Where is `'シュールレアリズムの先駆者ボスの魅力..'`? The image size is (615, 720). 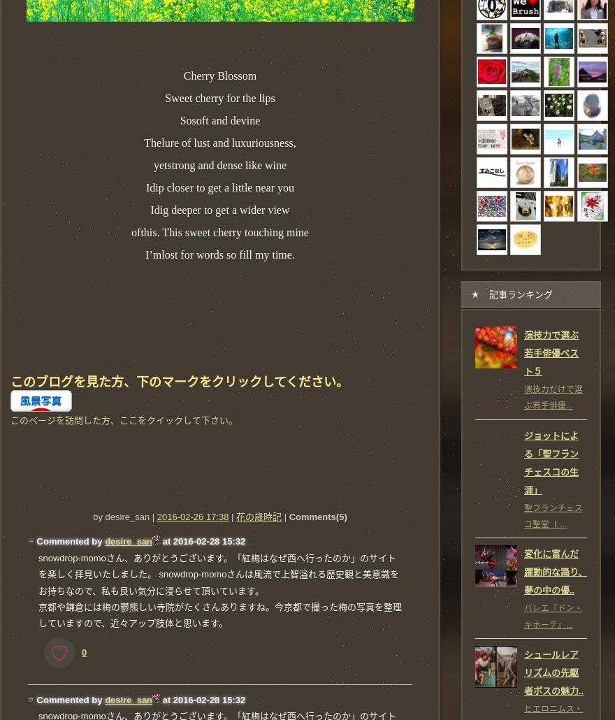 'シュールレアリズムの先駆者ボスの魅力..' is located at coordinates (553, 672).